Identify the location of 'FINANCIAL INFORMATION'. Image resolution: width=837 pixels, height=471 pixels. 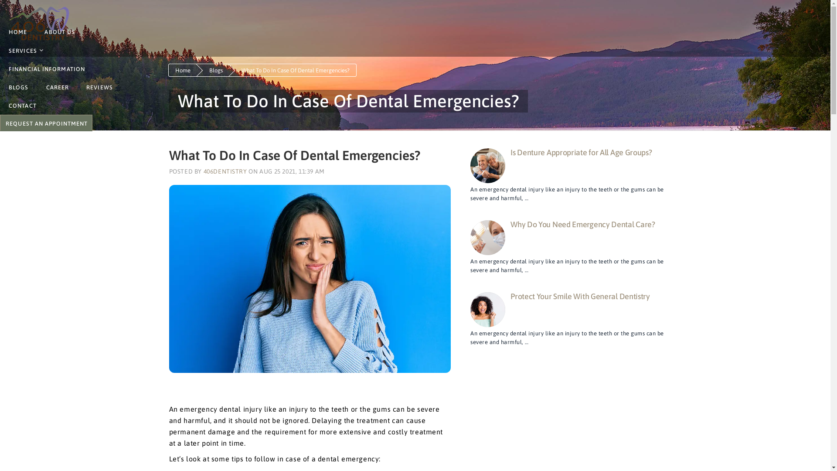
(46, 68).